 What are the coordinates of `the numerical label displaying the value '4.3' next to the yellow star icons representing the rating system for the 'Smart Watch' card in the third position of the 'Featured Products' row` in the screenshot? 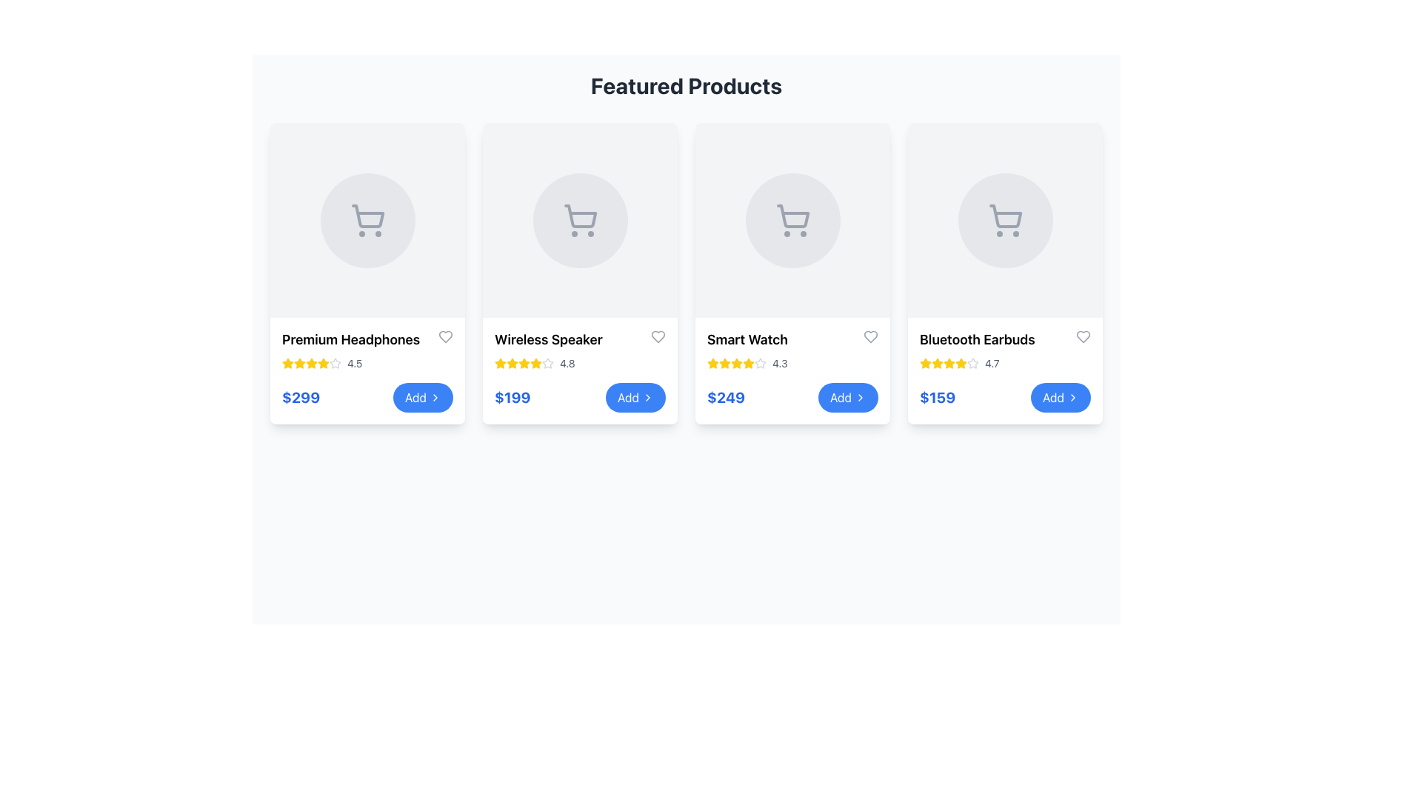 It's located at (779, 363).